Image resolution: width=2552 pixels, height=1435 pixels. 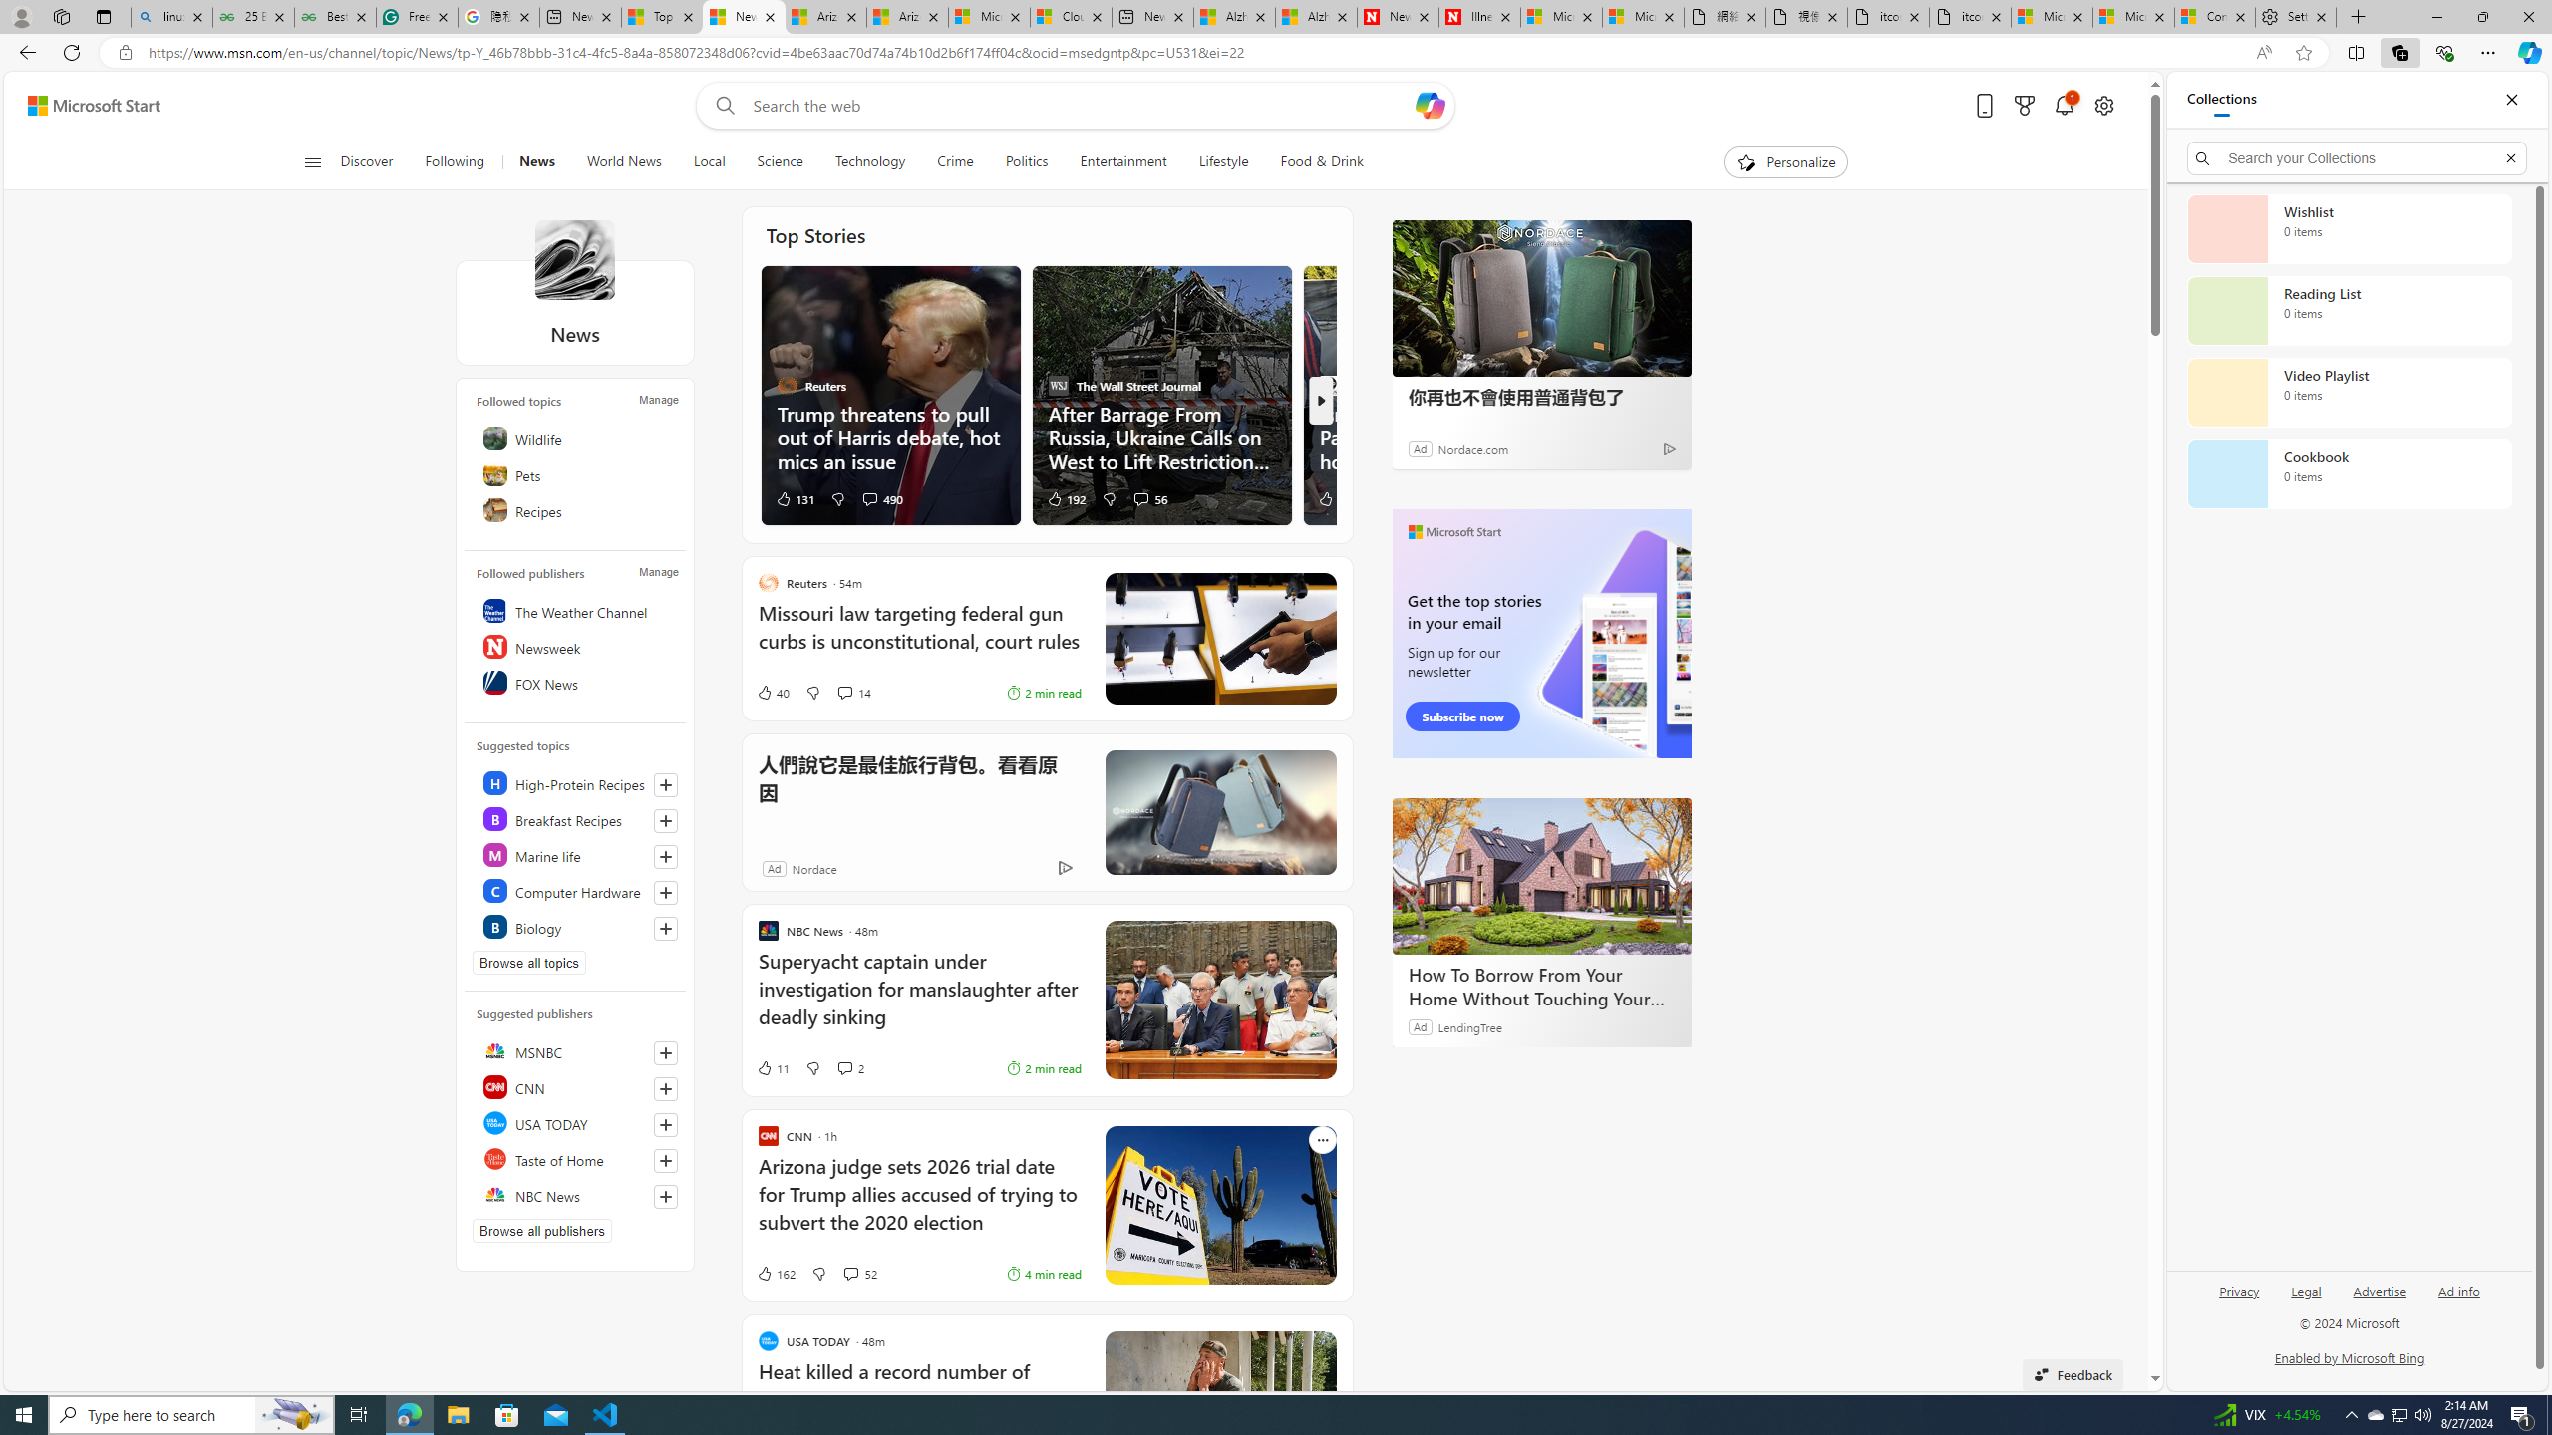 What do you see at coordinates (2304, 1297) in the screenshot?
I see `'Legal'` at bounding box center [2304, 1297].